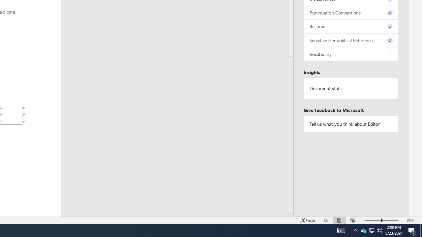 Image resolution: width=422 pixels, height=237 pixels. Describe the element at coordinates (382, 220) in the screenshot. I see `'Zoom'` at that location.